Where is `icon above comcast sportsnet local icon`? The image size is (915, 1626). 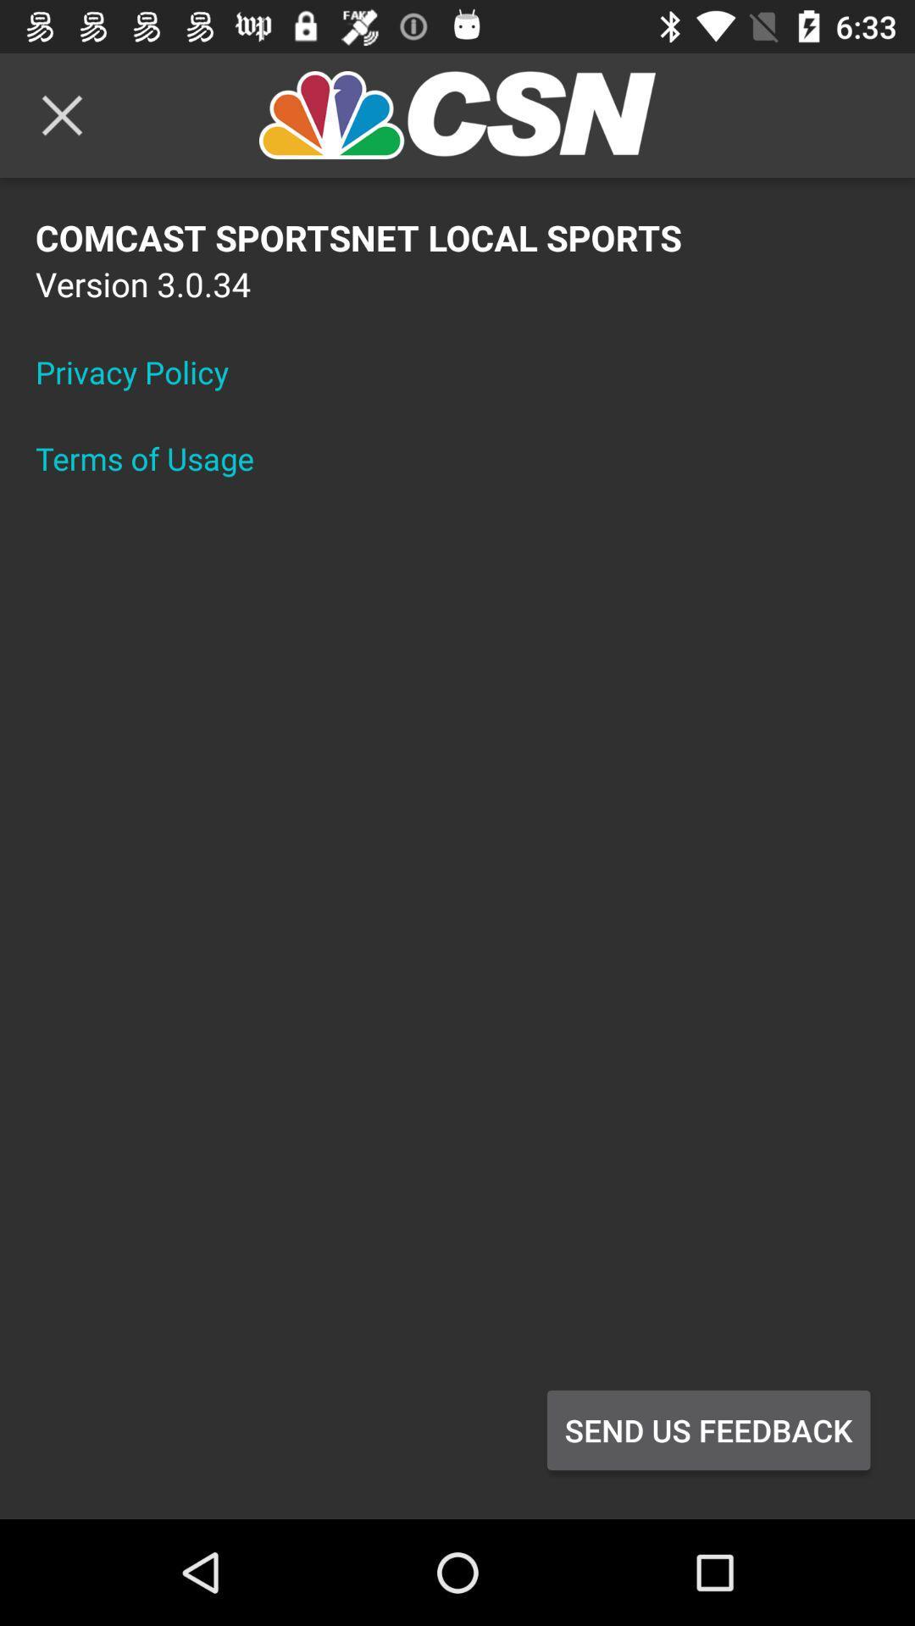
icon above comcast sportsnet local icon is located at coordinates (61, 114).